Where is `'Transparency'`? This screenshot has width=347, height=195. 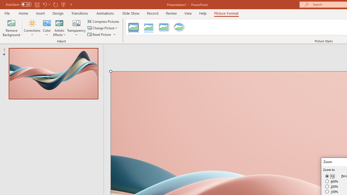
'Transparency' is located at coordinates (76, 28).